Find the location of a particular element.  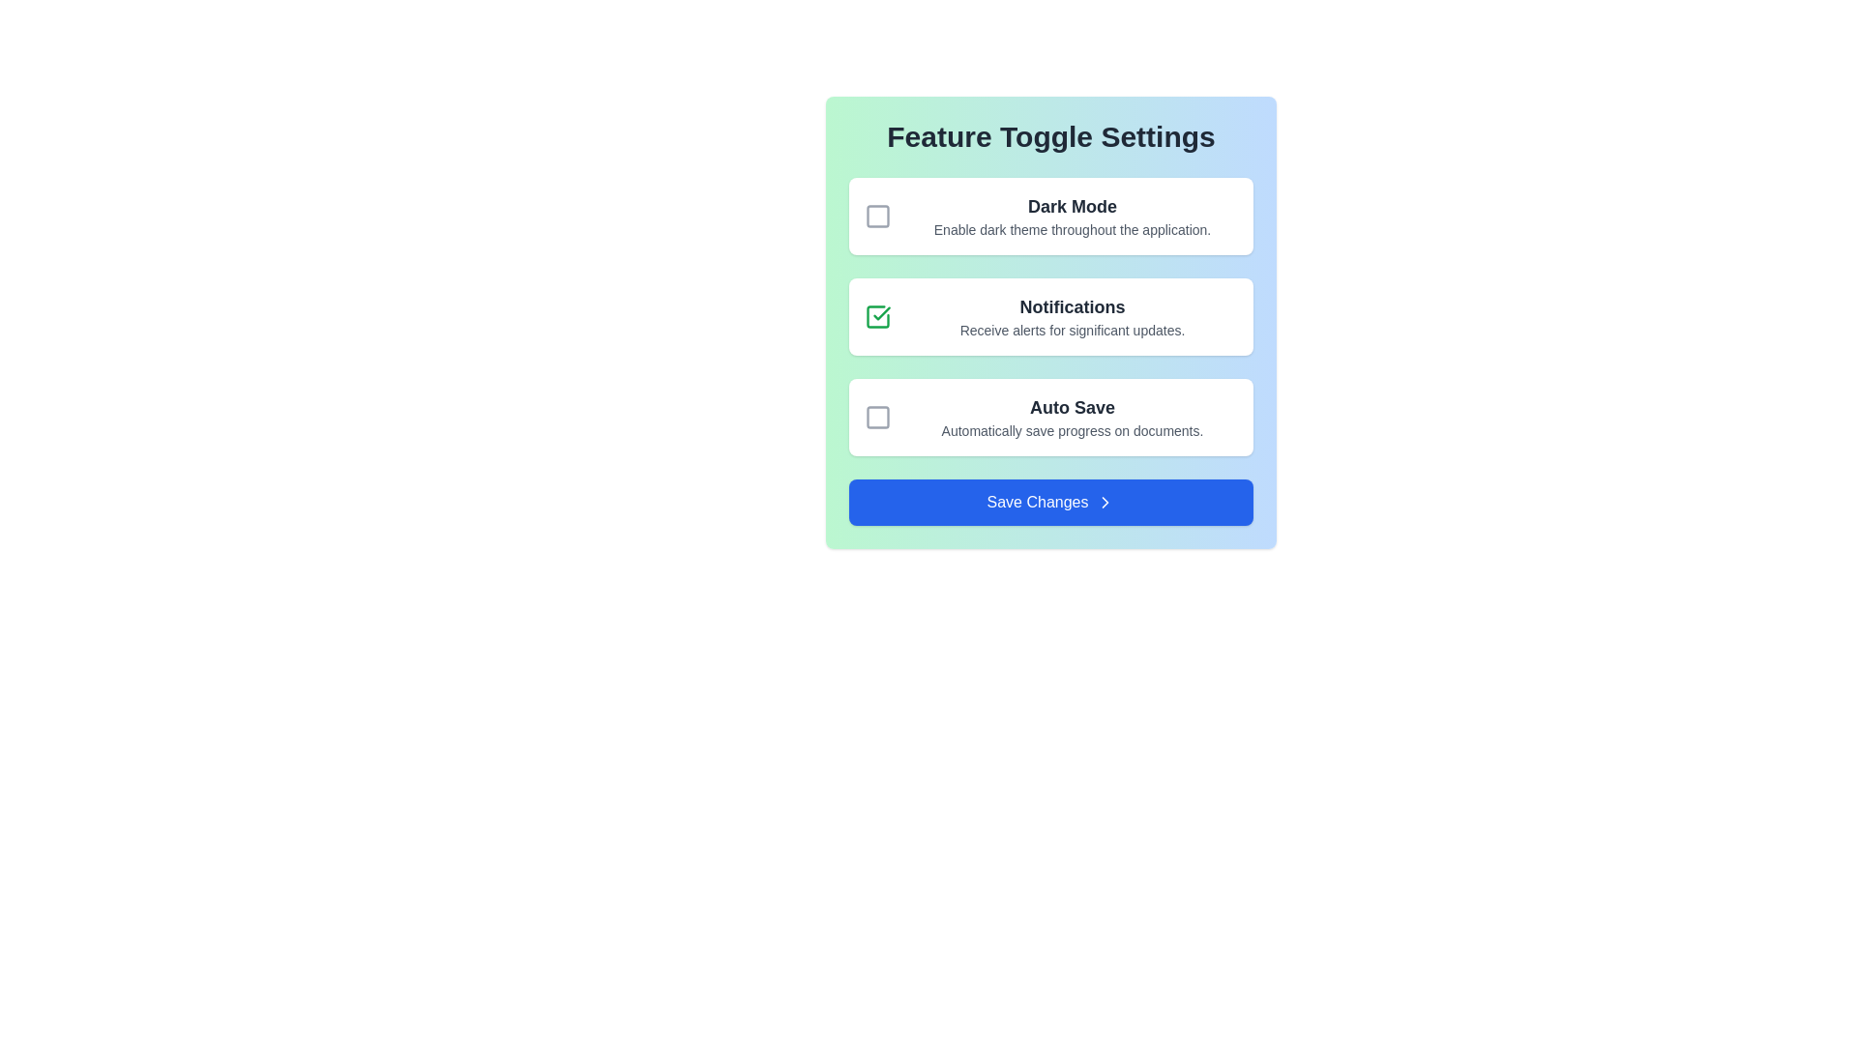

the save button located at the bottom of the settings panel, below the 'Auto Save' section, to apply new settings is located at coordinates (1049, 502).